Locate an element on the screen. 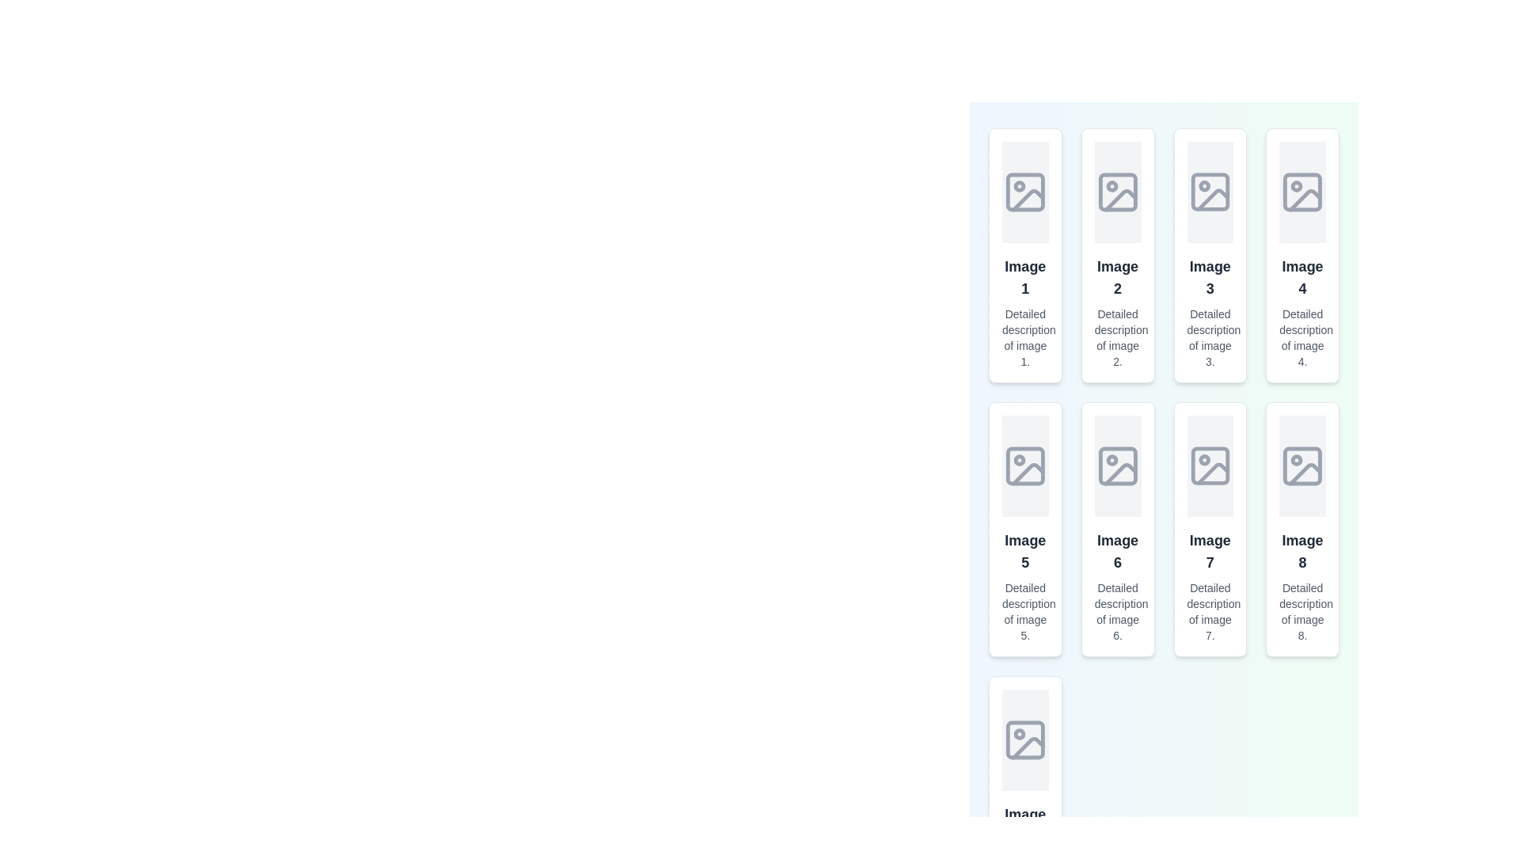  the Text label providing details about 'Image 5', located below the title text in the fifth card of the grid layout is located at coordinates (1025, 610).